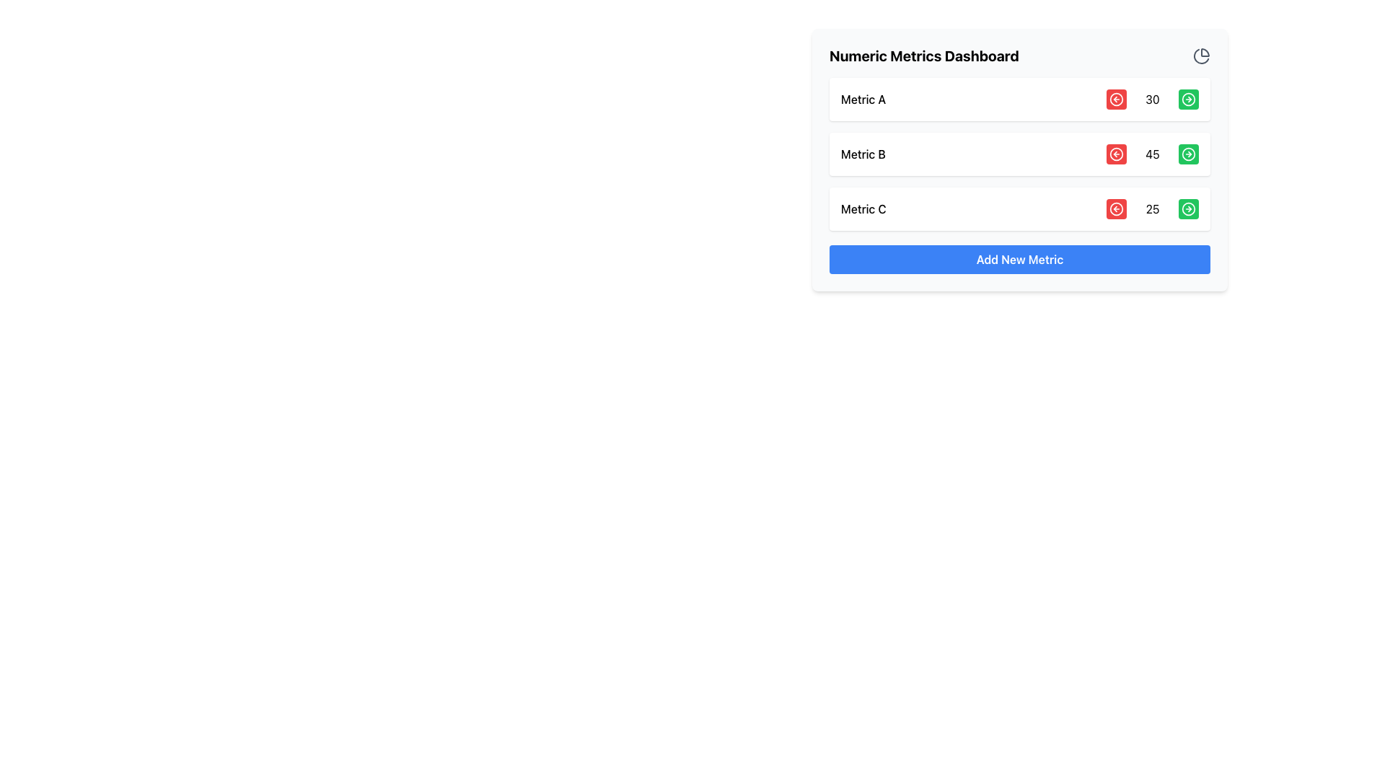 The width and height of the screenshot is (1385, 779). I want to click on the green button adjacent to the value '25' in the 'Metric C' component to increment the value, so click(1019, 208).